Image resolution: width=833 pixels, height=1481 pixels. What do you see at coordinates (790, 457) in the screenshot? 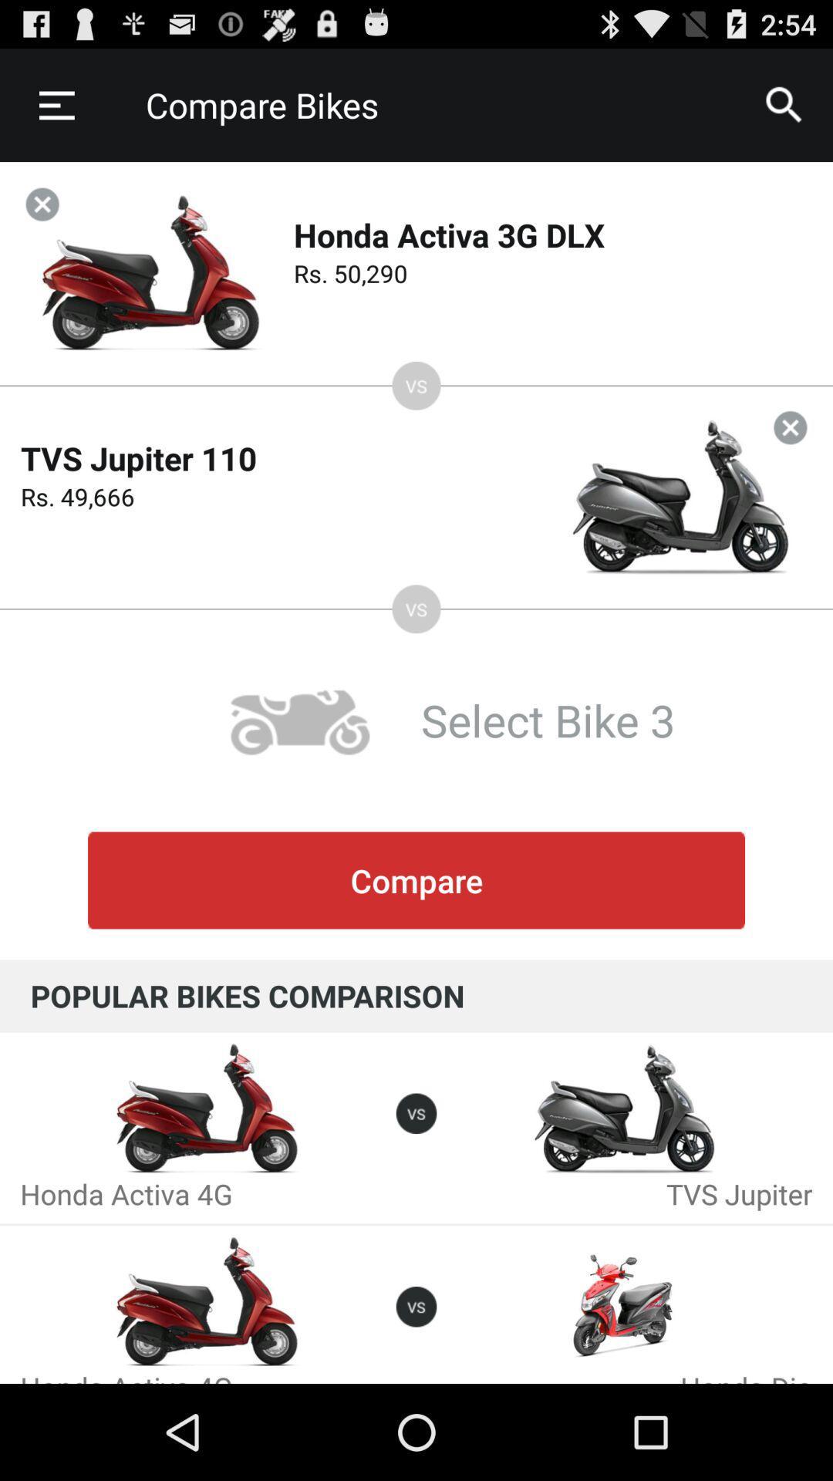
I see `the close icon` at bounding box center [790, 457].